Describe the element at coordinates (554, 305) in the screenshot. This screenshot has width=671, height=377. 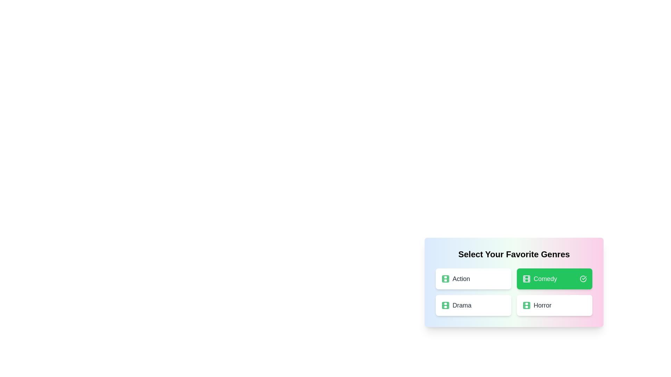
I see `the genre card labeled 'Horror' to observe its hover effect` at that location.